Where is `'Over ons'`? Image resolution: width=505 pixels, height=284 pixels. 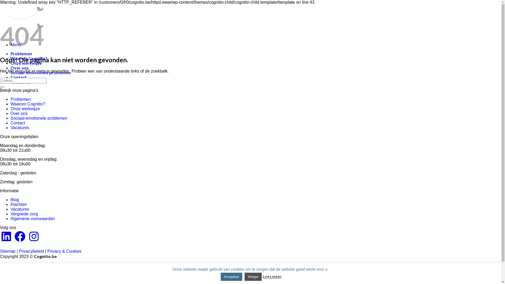 'Over ons' is located at coordinates (19, 67).